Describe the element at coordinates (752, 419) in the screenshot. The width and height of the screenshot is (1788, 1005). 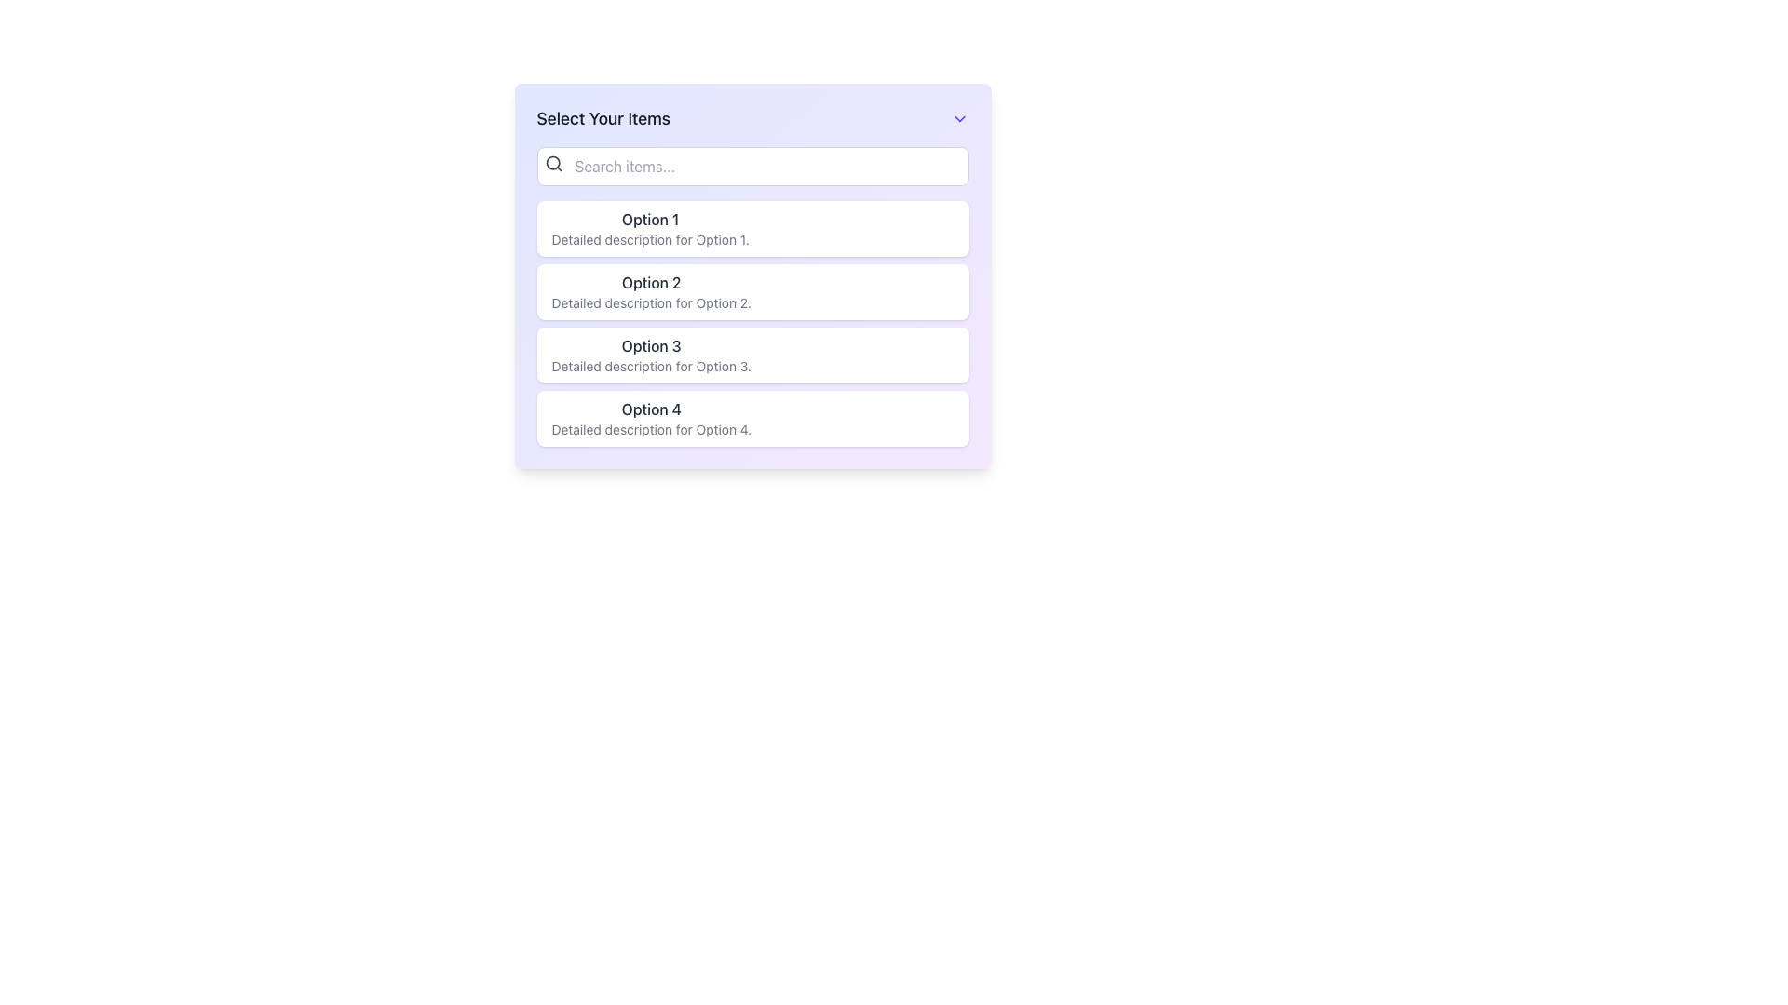
I see `the fourth option selector in the dropdown list, which allows users to choose 'Option 4'` at that location.